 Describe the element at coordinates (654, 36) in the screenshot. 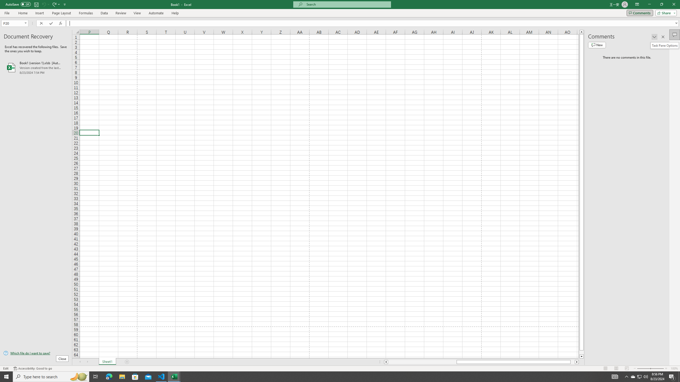

I see `'Task Pane Options'` at that location.